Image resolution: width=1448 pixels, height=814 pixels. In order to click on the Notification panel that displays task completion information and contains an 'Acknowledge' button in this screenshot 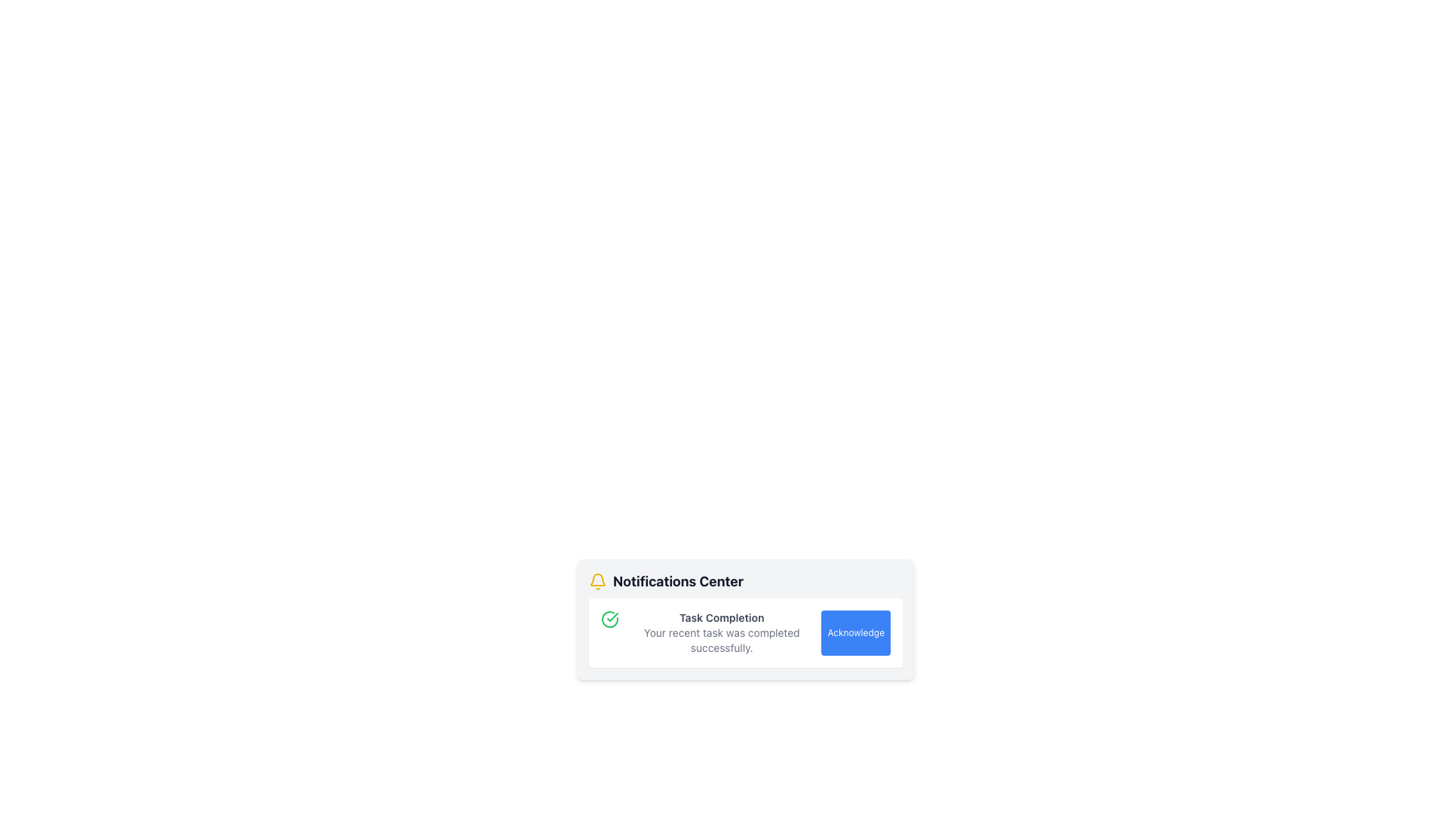, I will do `click(745, 619)`.